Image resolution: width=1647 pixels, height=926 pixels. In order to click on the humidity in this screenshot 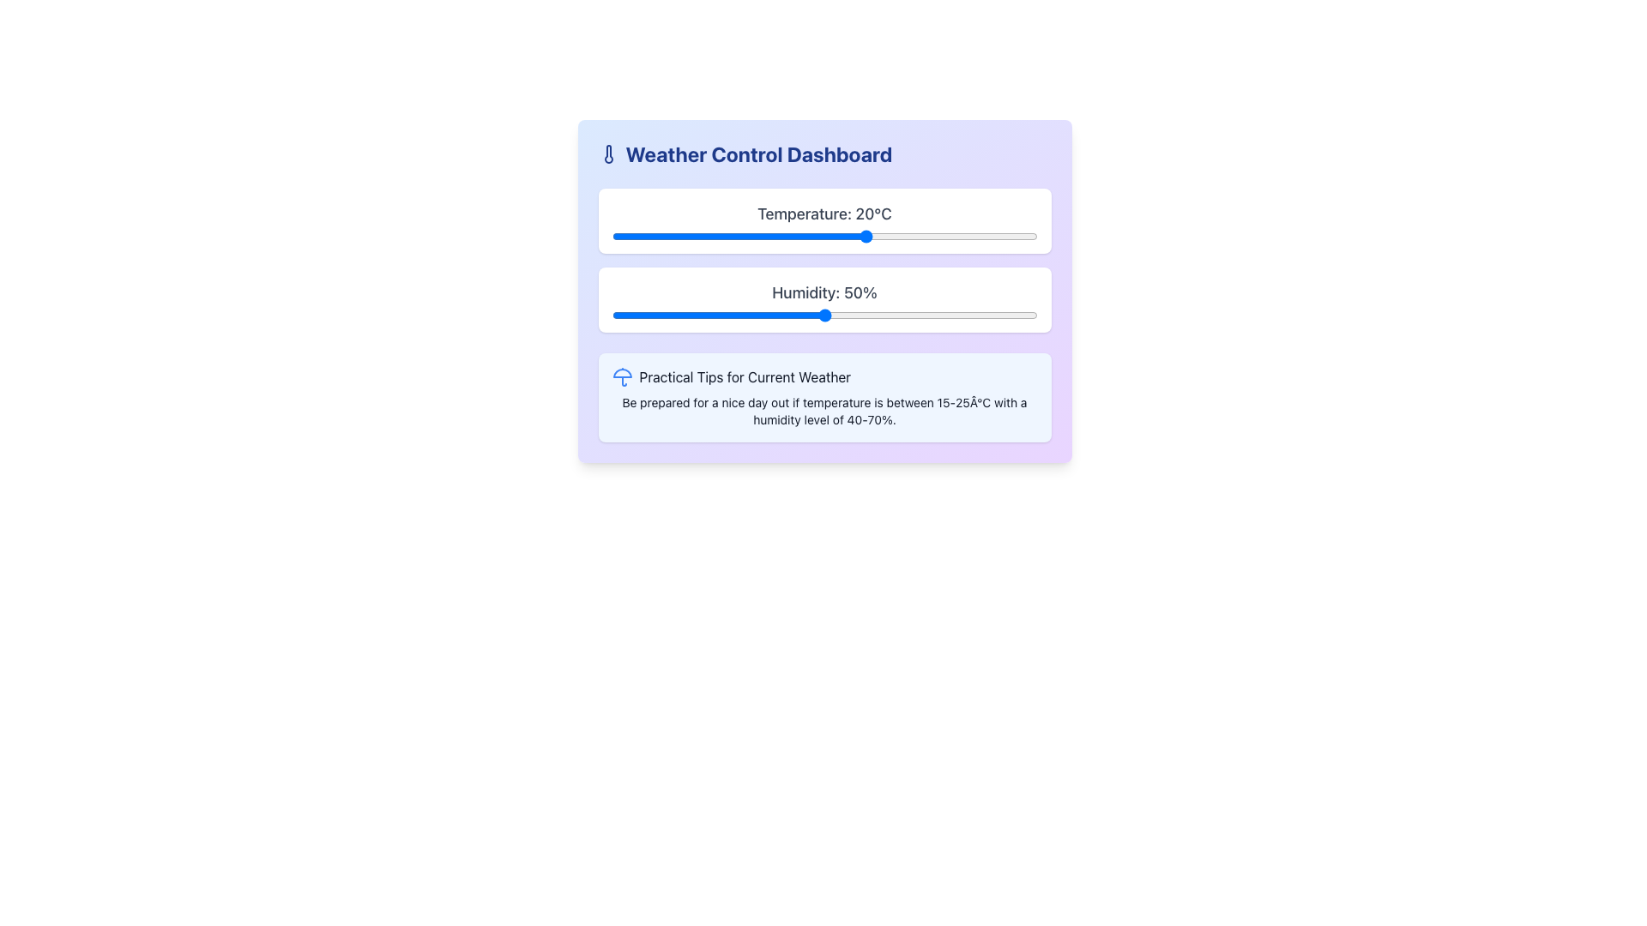, I will do `click(802, 315)`.